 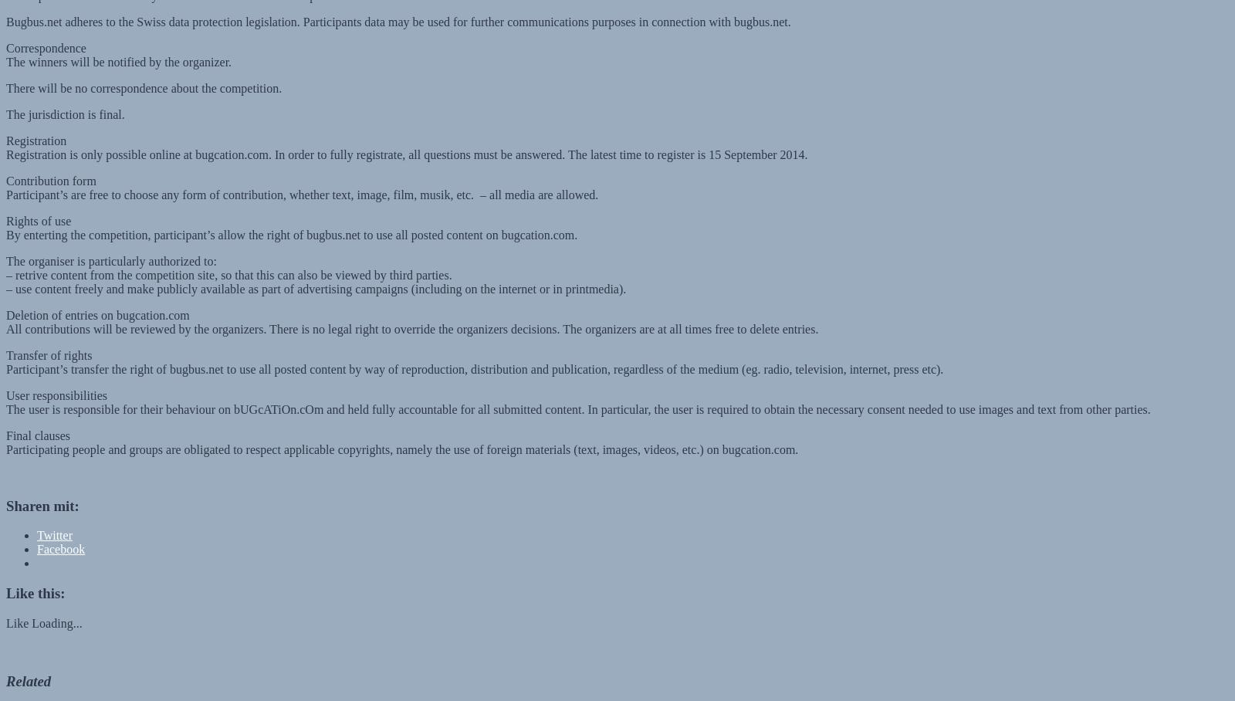 What do you see at coordinates (5, 179) in the screenshot?
I see `'Participant’s are free to choose any form of contribution, whether text, image, film, musik, etc.  – all media are allowed.'` at bounding box center [5, 179].